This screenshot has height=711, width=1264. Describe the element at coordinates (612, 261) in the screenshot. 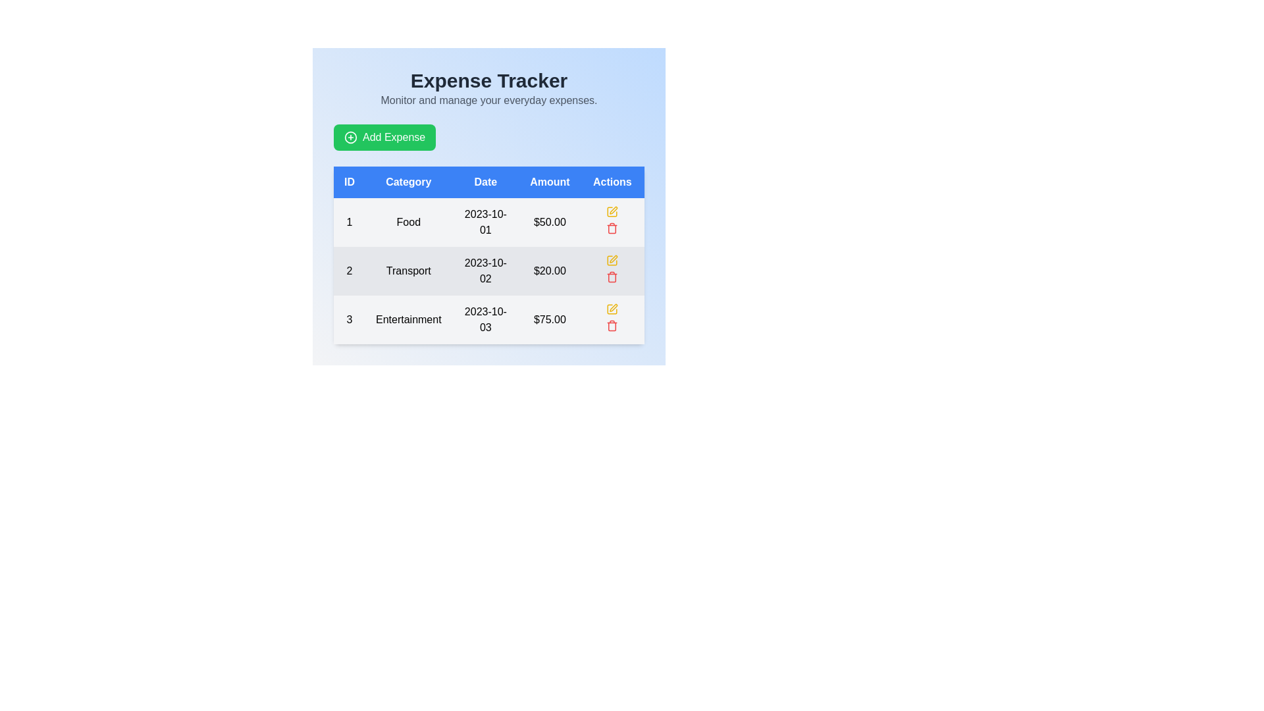

I see `the edit icon in the 'Actions' column of the second row associated with the 'Transport' category` at that location.